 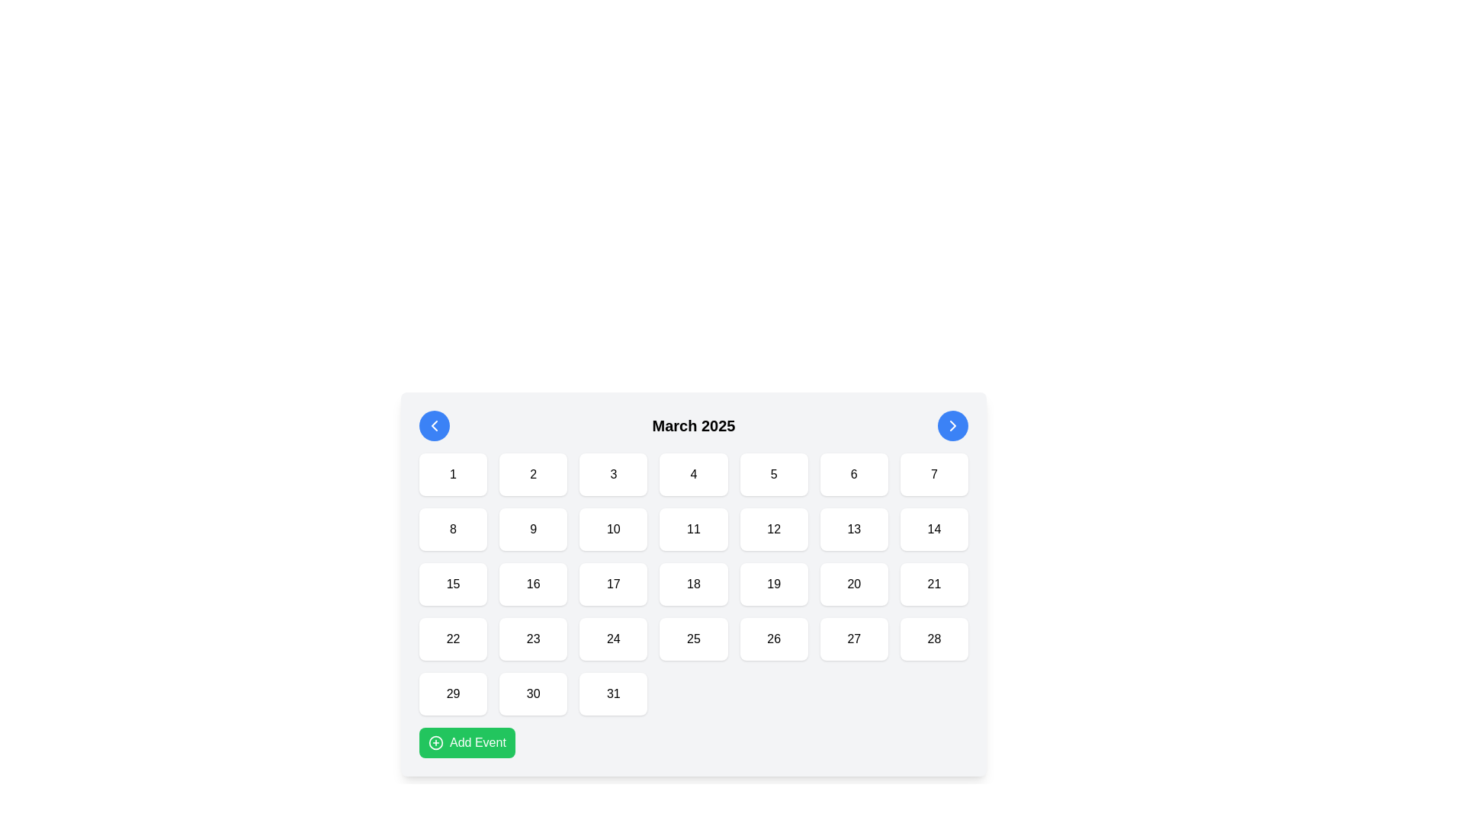 What do you see at coordinates (952, 426) in the screenshot?
I see `the navigation button located at the far-right end of the top section of the calendar display` at bounding box center [952, 426].